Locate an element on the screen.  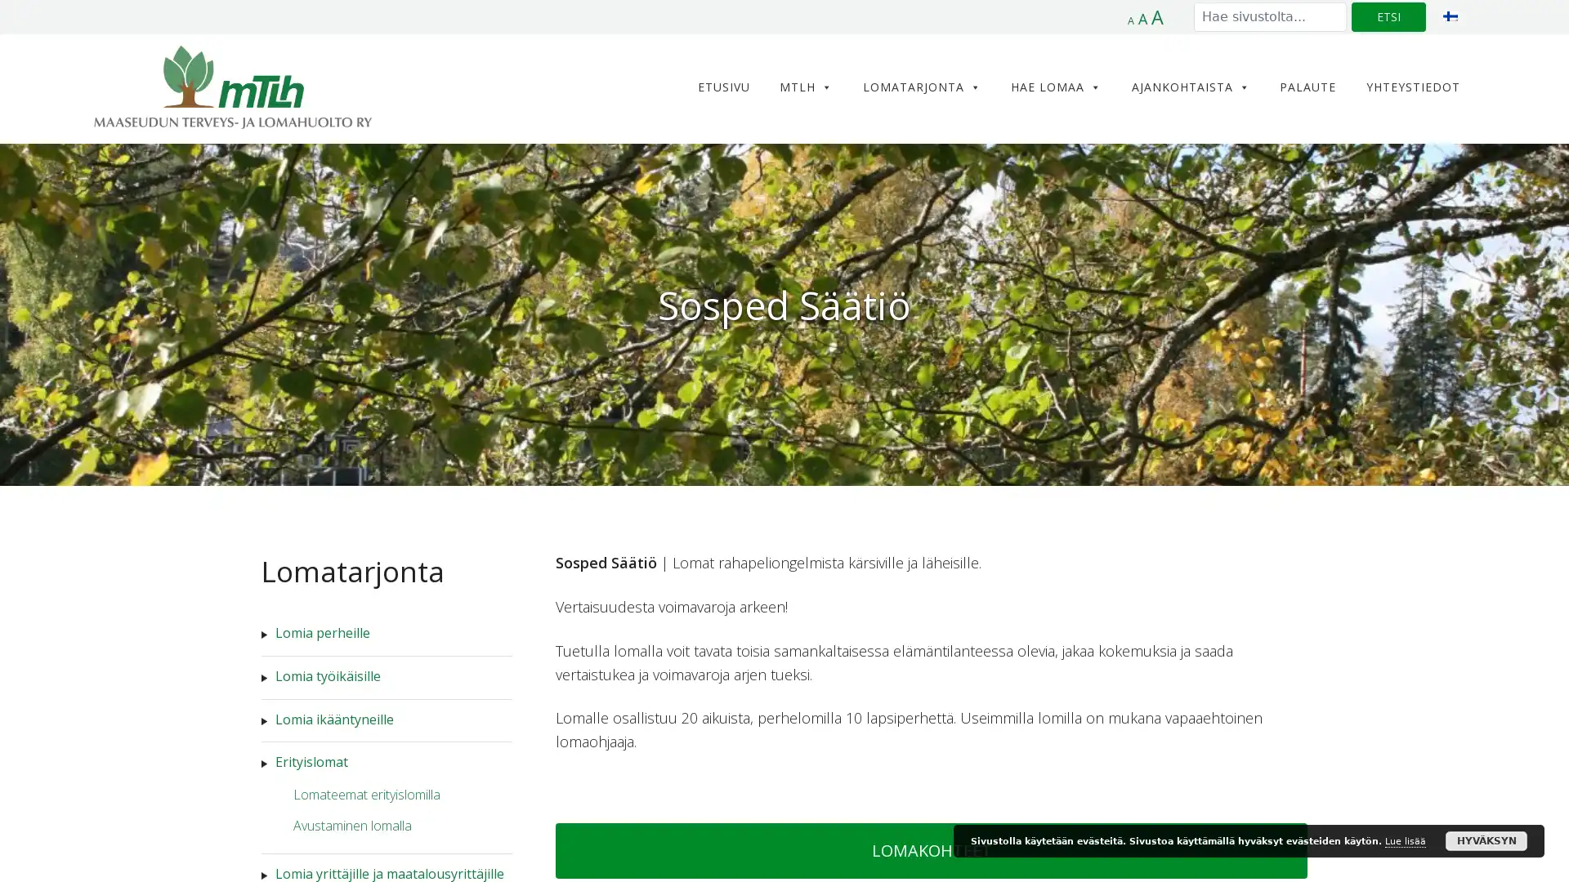
HYVAKSYN is located at coordinates (1486, 840).